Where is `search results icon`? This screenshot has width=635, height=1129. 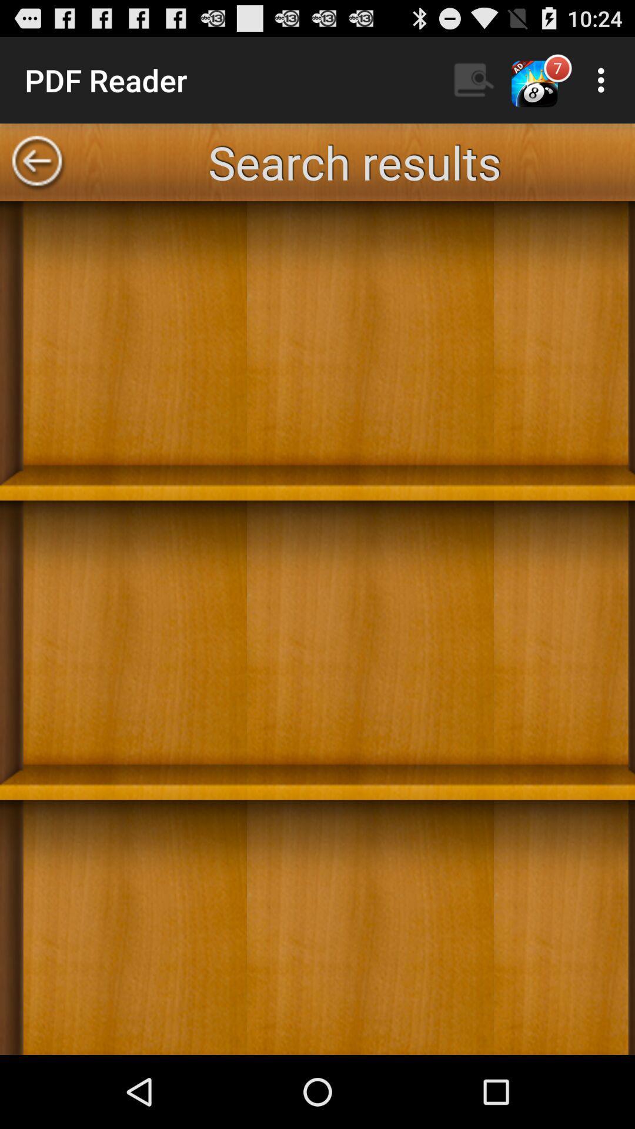 search results icon is located at coordinates (353, 161).